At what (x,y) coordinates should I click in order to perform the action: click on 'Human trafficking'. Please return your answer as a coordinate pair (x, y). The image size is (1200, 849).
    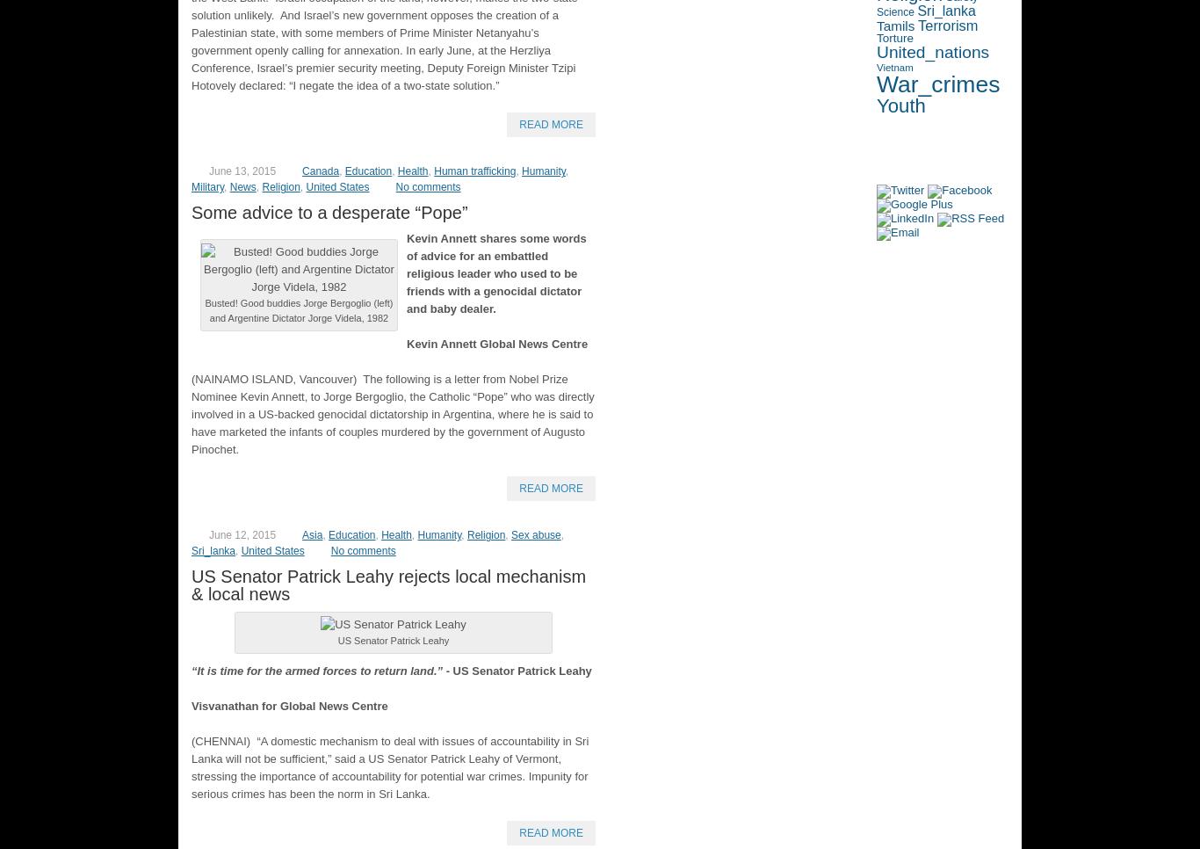
    Looking at the image, I should click on (474, 171).